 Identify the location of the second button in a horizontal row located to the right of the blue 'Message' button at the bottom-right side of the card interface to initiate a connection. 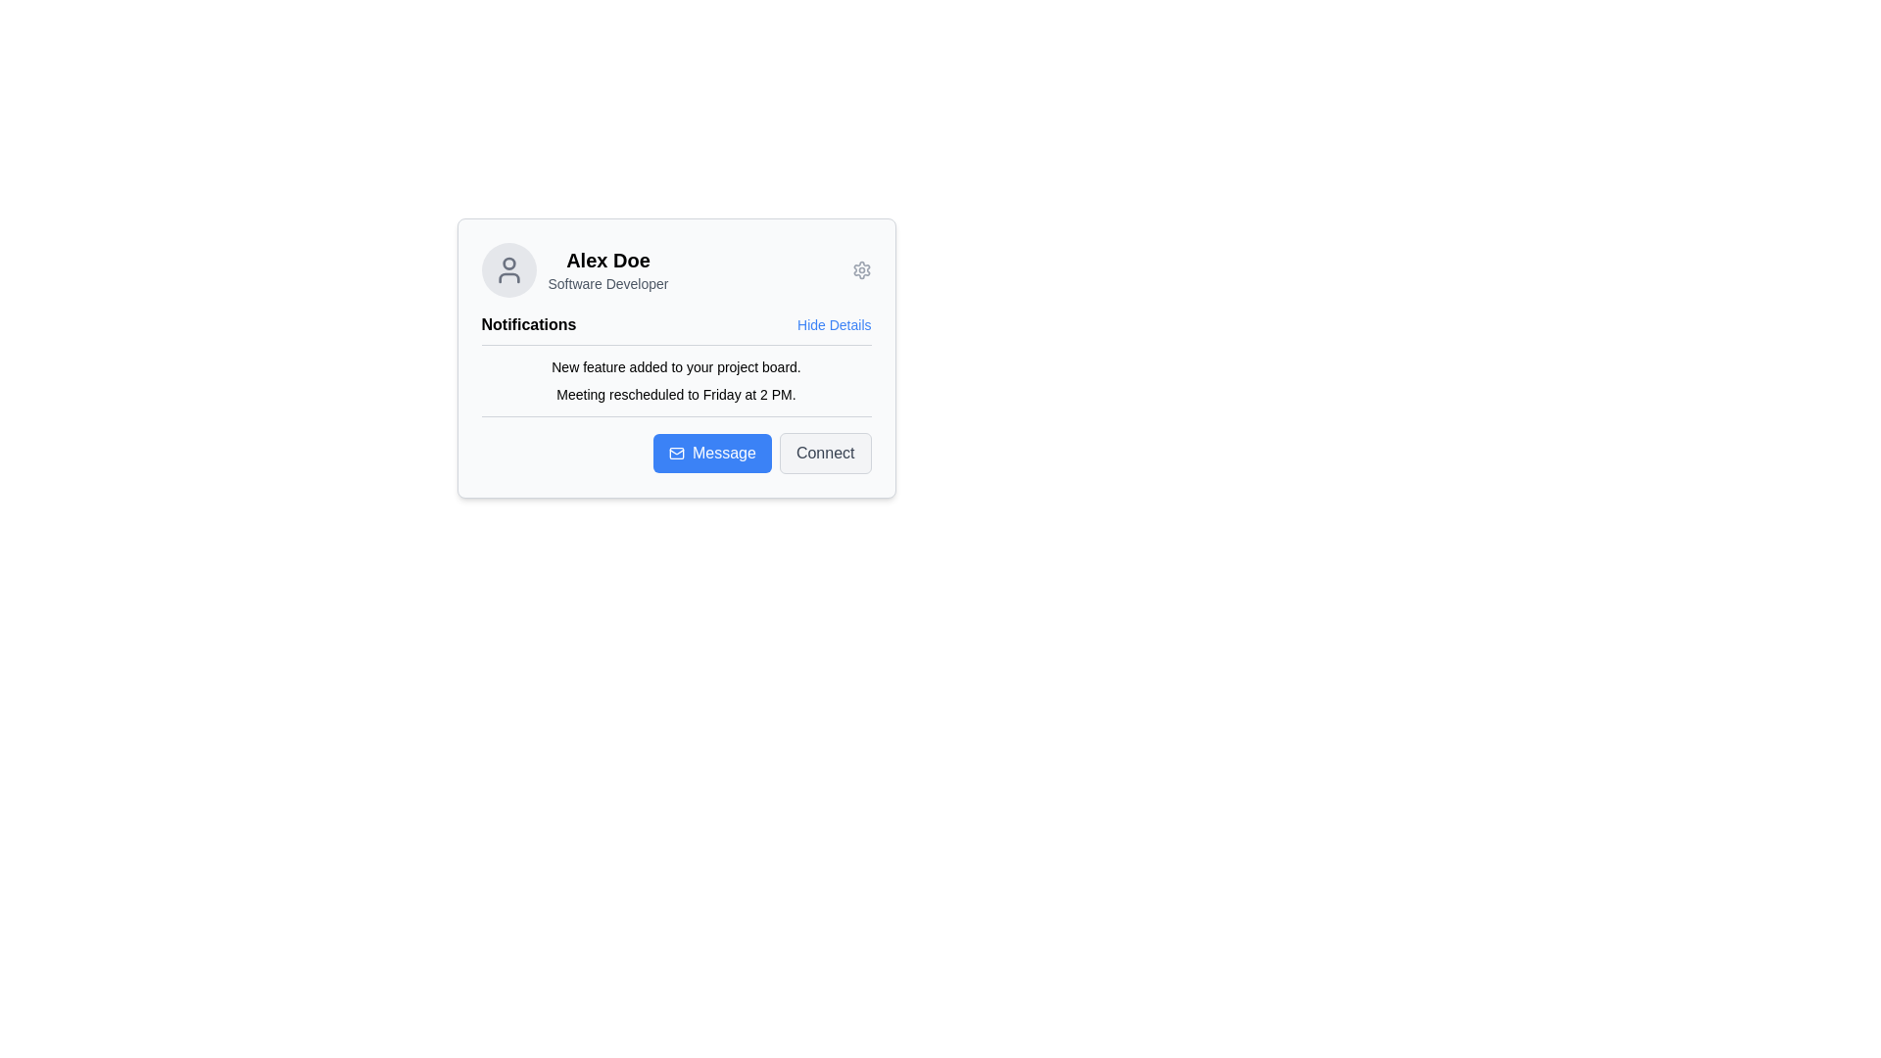
(825, 453).